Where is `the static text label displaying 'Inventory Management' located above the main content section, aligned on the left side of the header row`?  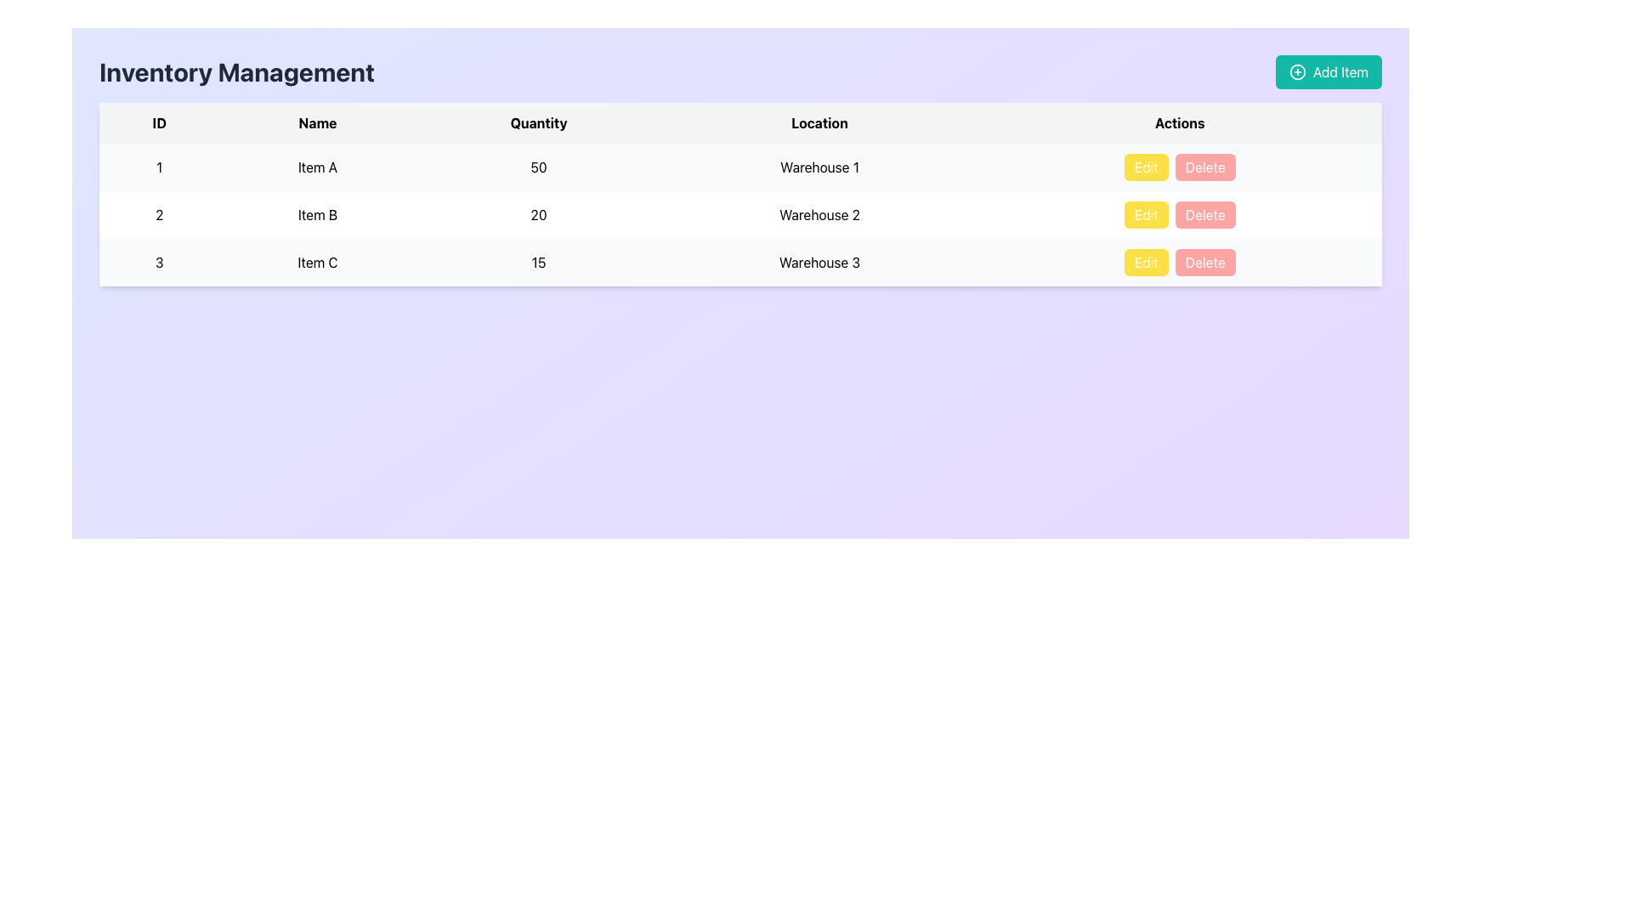 the static text label displaying 'Inventory Management' located above the main content section, aligned on the left side of the header row is located at coordinates (235, 71).